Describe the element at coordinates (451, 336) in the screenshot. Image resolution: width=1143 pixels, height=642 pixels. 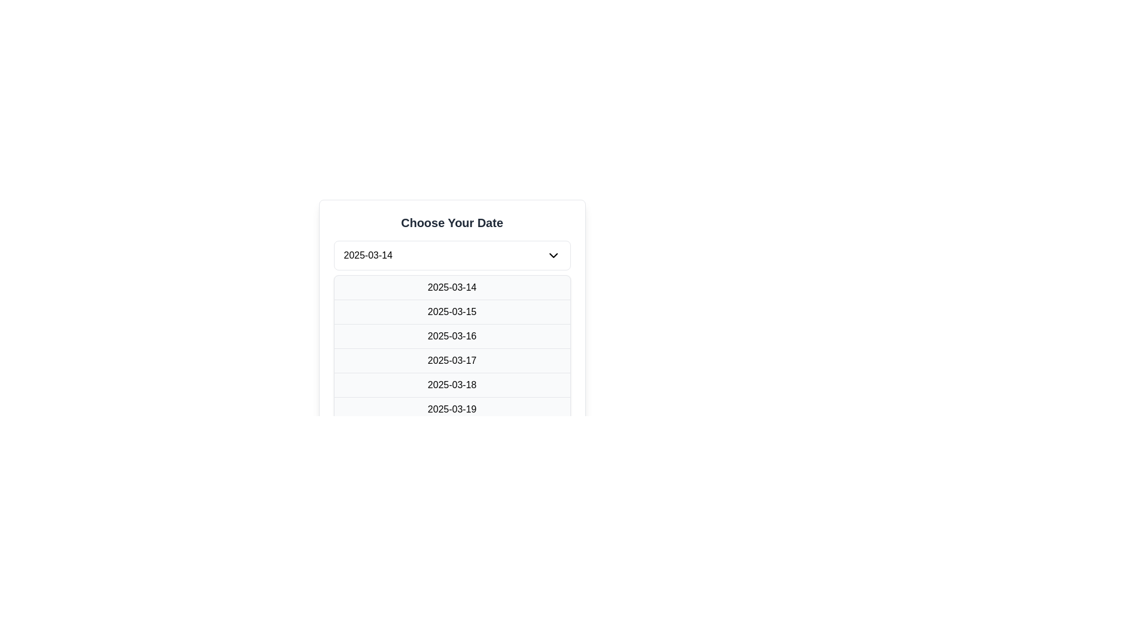
I see `the date '2025-03-16' from the selectable date list by clicking on it` at that location.